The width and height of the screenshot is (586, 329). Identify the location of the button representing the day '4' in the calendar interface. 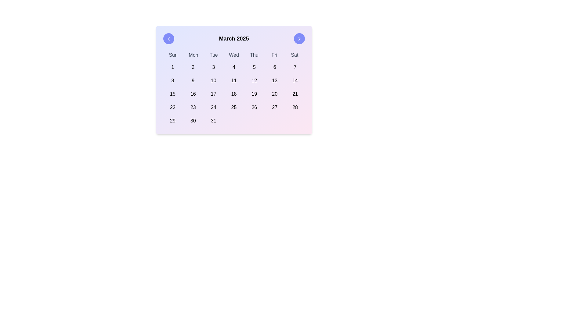
(233, 67).